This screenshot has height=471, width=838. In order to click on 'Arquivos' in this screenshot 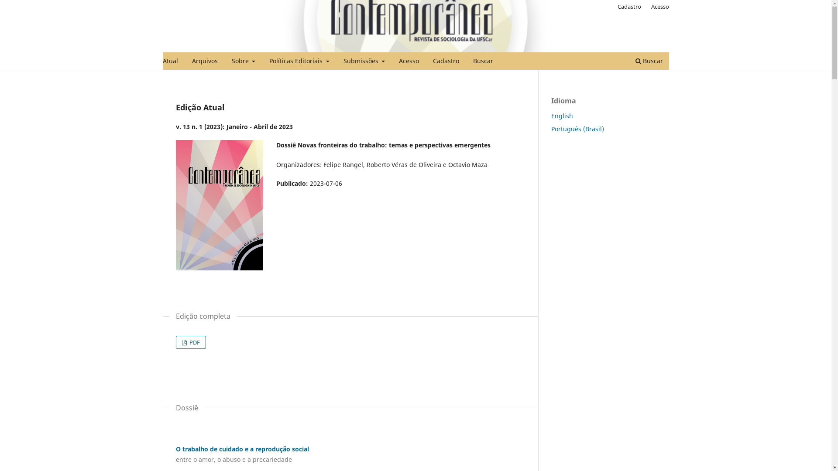, I will do `click(204, 61)`.